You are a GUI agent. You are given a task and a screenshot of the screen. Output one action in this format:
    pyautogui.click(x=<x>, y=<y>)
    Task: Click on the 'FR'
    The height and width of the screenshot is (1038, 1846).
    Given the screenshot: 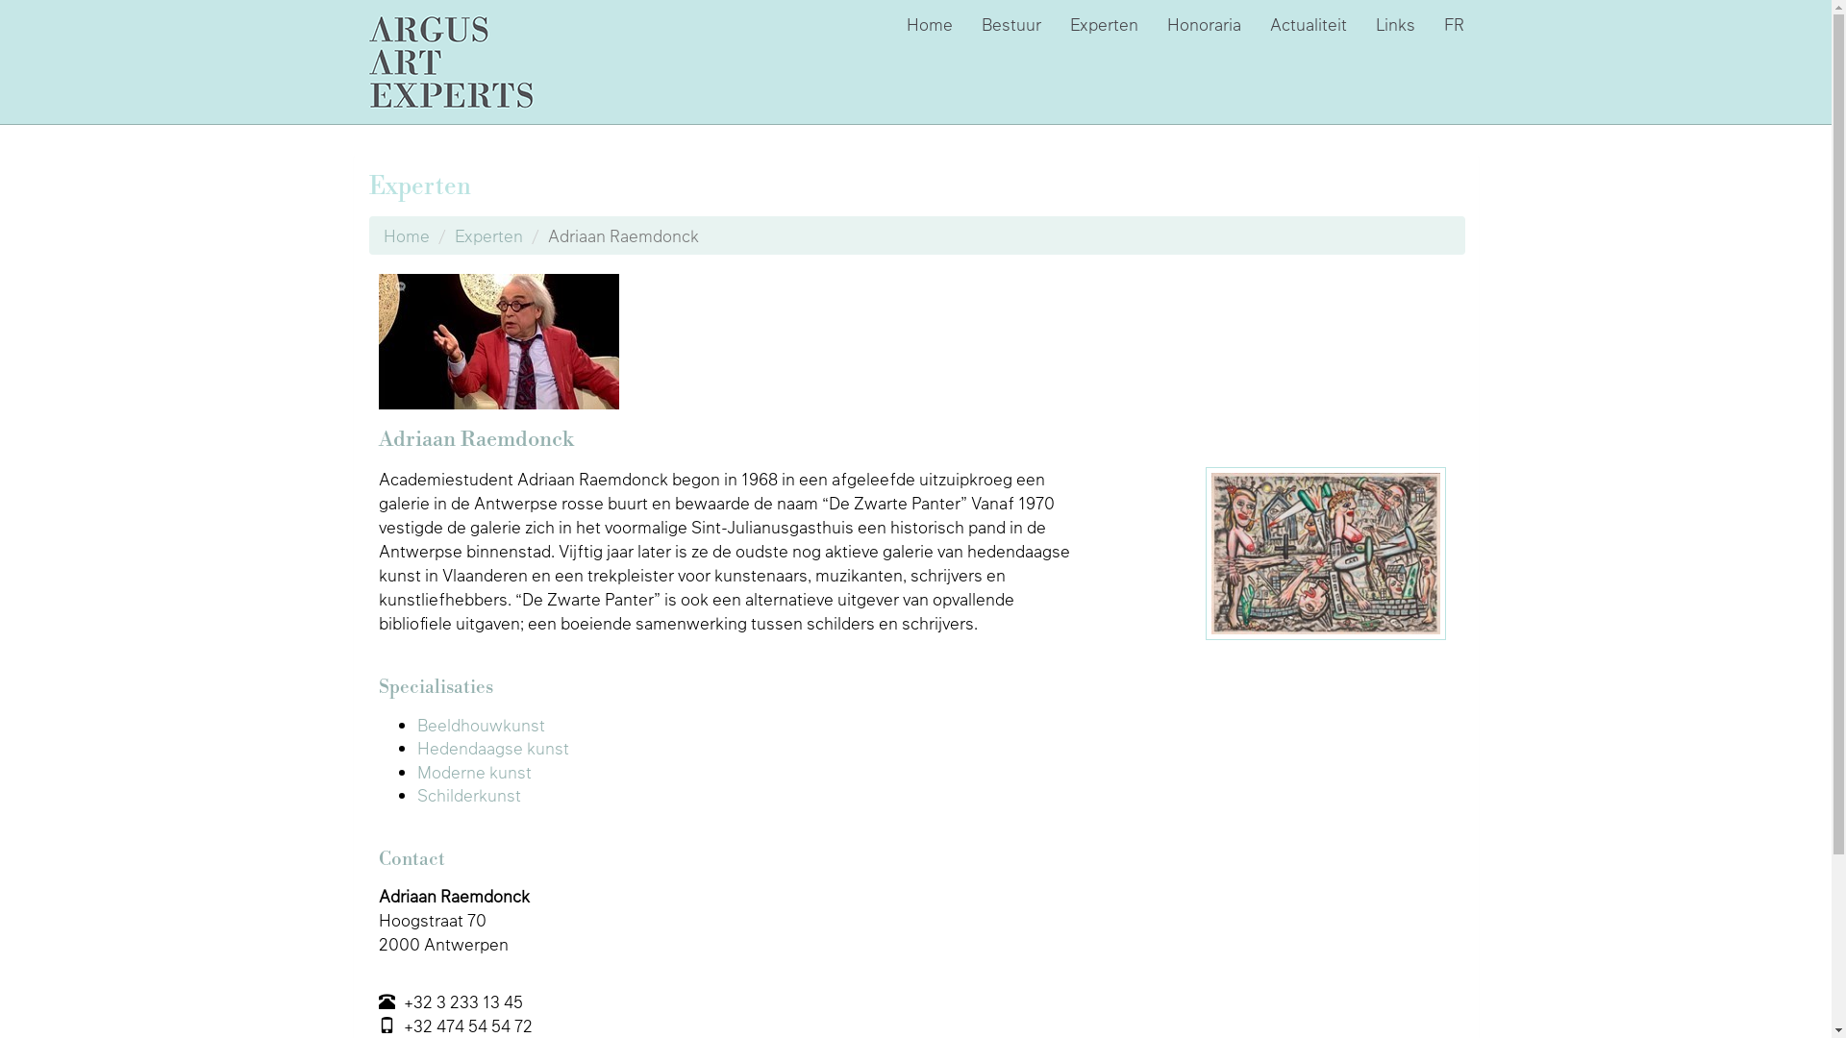 What is the action you would take?
    pyautogui.click(x=1453, y=23)
    